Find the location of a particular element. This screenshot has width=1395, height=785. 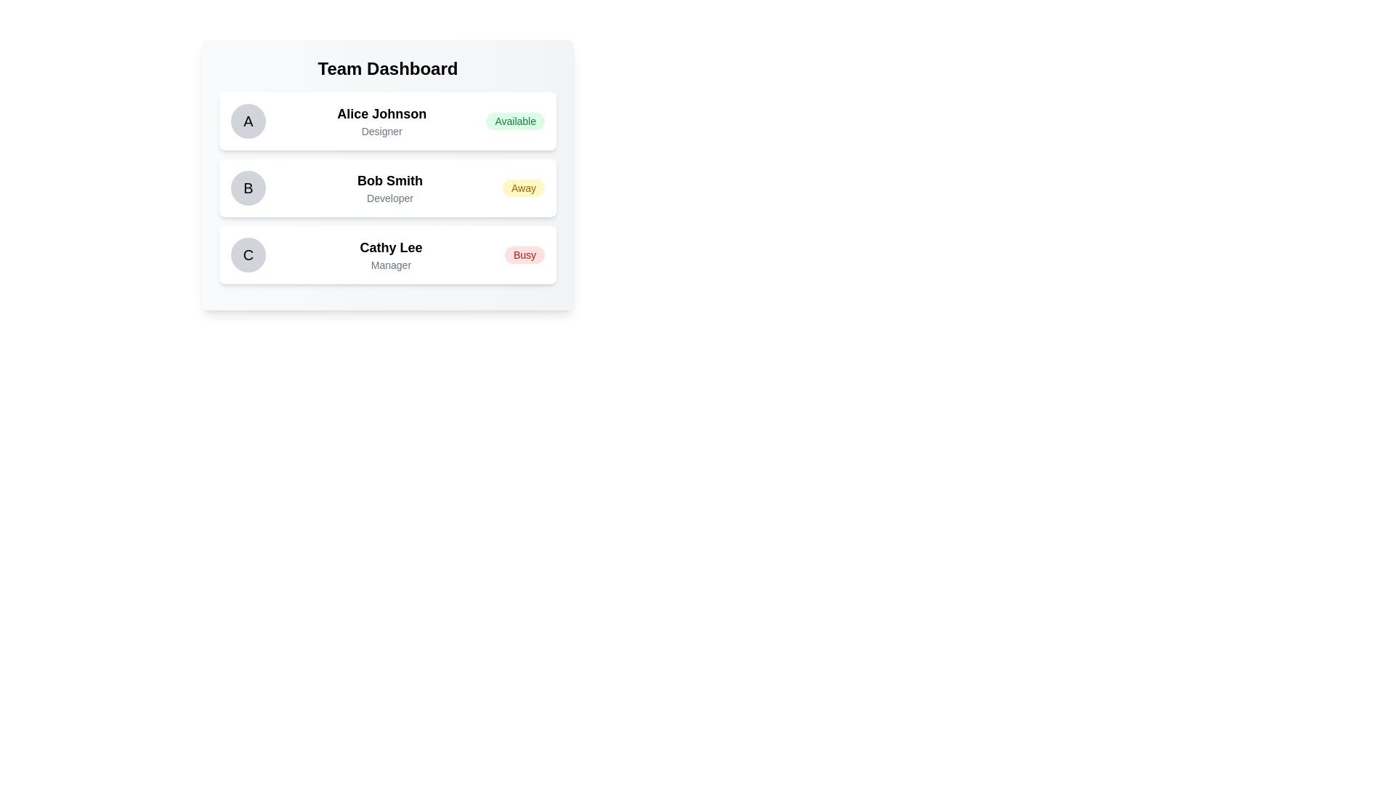

the 'Busy' status label for Cathy Lee, Manager, located at the far right of the row is located at coordinates (524, 254).